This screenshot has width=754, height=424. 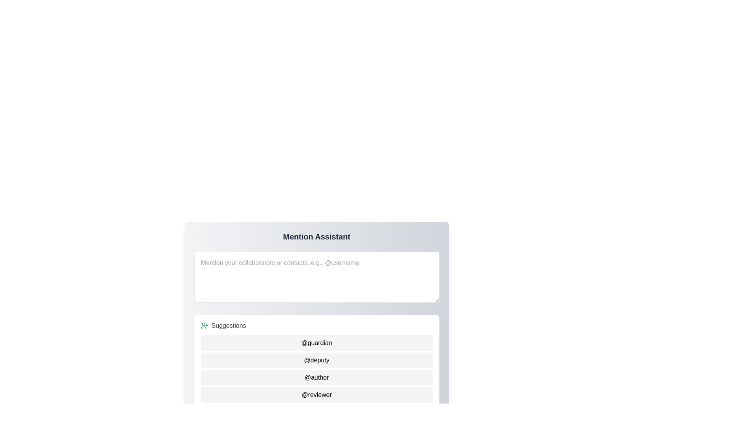 What do you see at coordinates (317, 360) in the screenshot?
I see `to select the suggestion '@deputy' from the second item in the 'Mention Assistant' dropdown list` at bounding box center [317, 360].